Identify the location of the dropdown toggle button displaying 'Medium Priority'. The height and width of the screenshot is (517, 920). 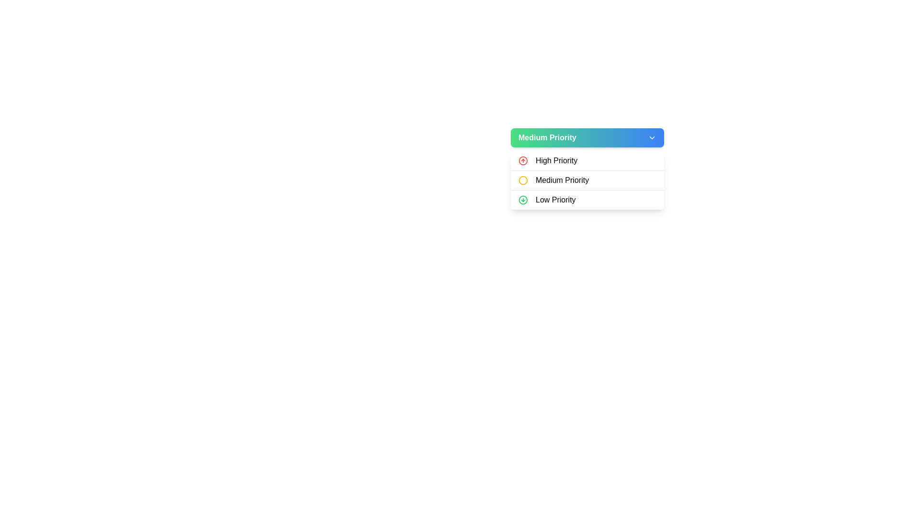
(586, 138).